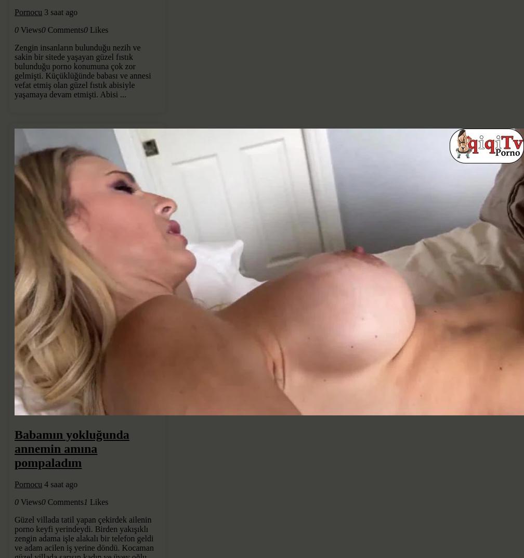 The image size is (524, 558). What do you see at coordinates (85, 501) in the screenshot?
I see `'1'` at bounding box center [85, 501].